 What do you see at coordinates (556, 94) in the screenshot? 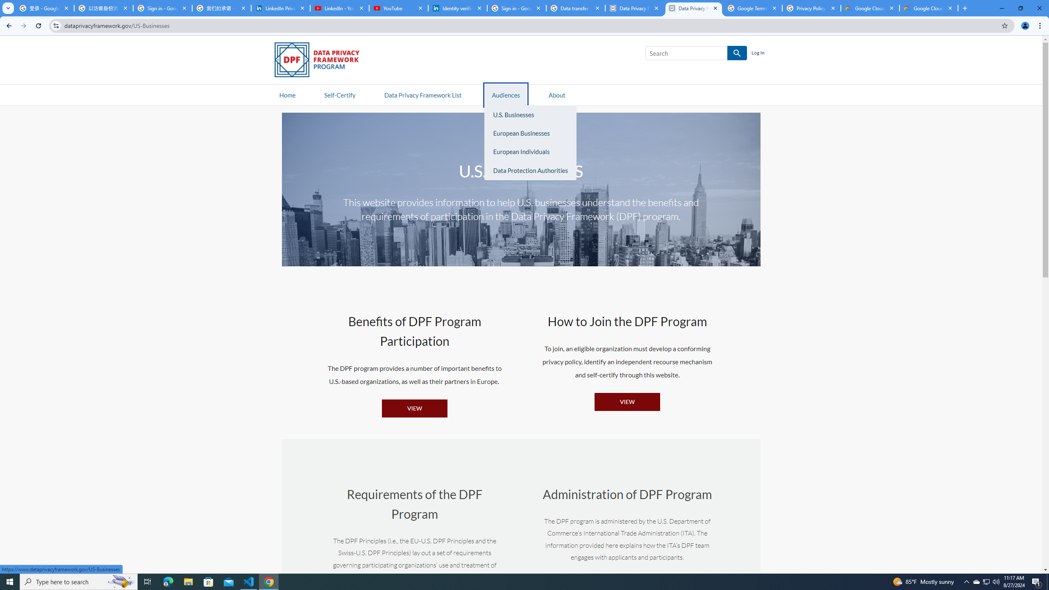
I see `'About'` at bounding box center [556, 94].